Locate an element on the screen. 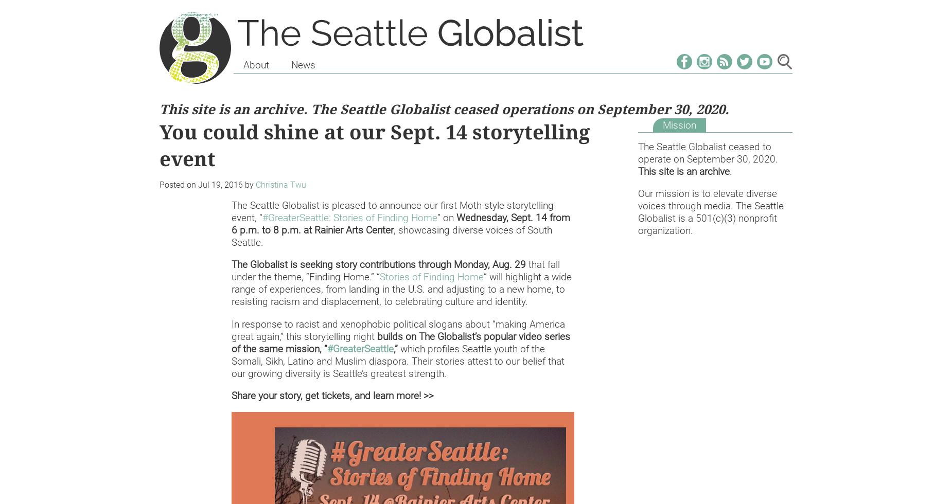  'Posted on' is located at coordinates (178, 185).